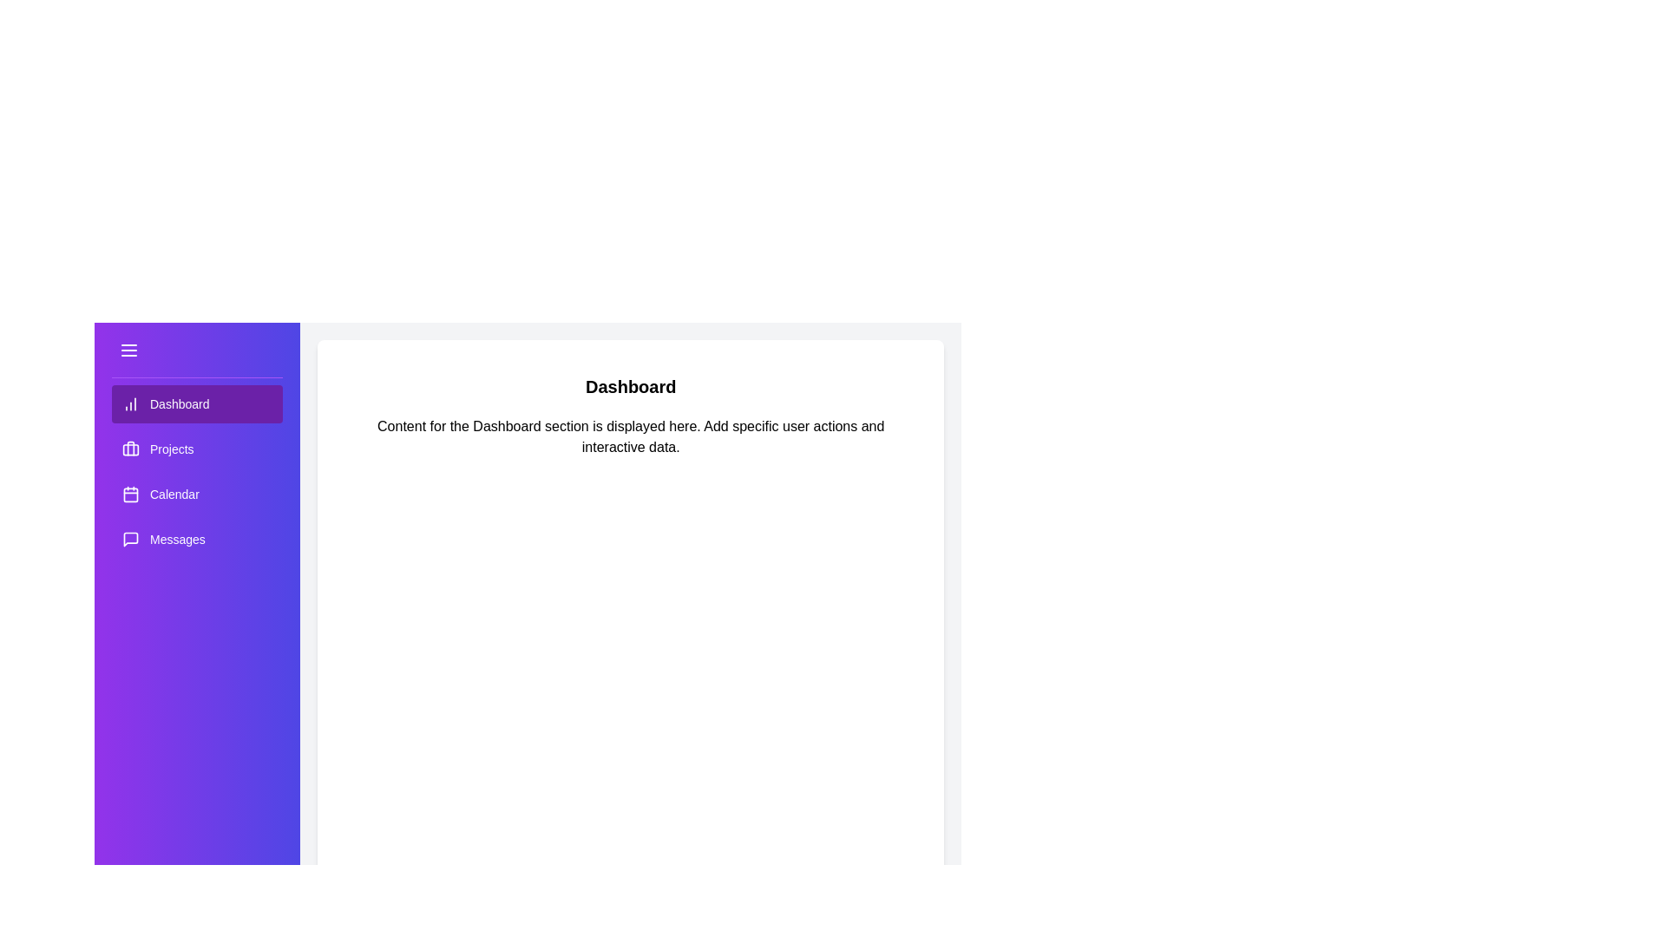 The image size is (1666, 937). I want to click on toggle button located at the top-left corner of the drawer to toggle its state, so click(128, 350).